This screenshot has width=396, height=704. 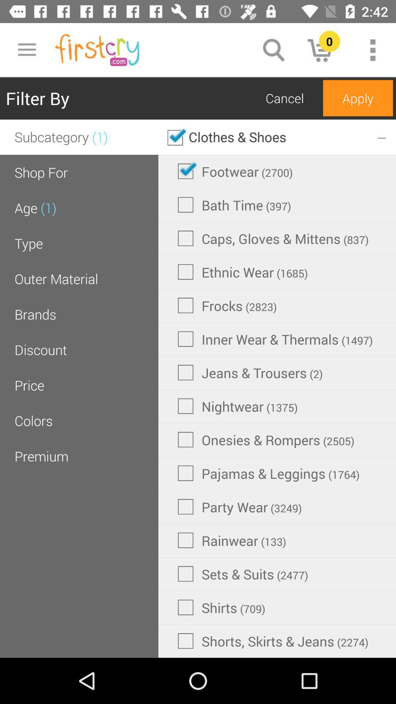 What do you see at coordinates (266, 440) in the screenshot?
I see `onesies & rompers (2505) icon` at bounding box center [266, 440].